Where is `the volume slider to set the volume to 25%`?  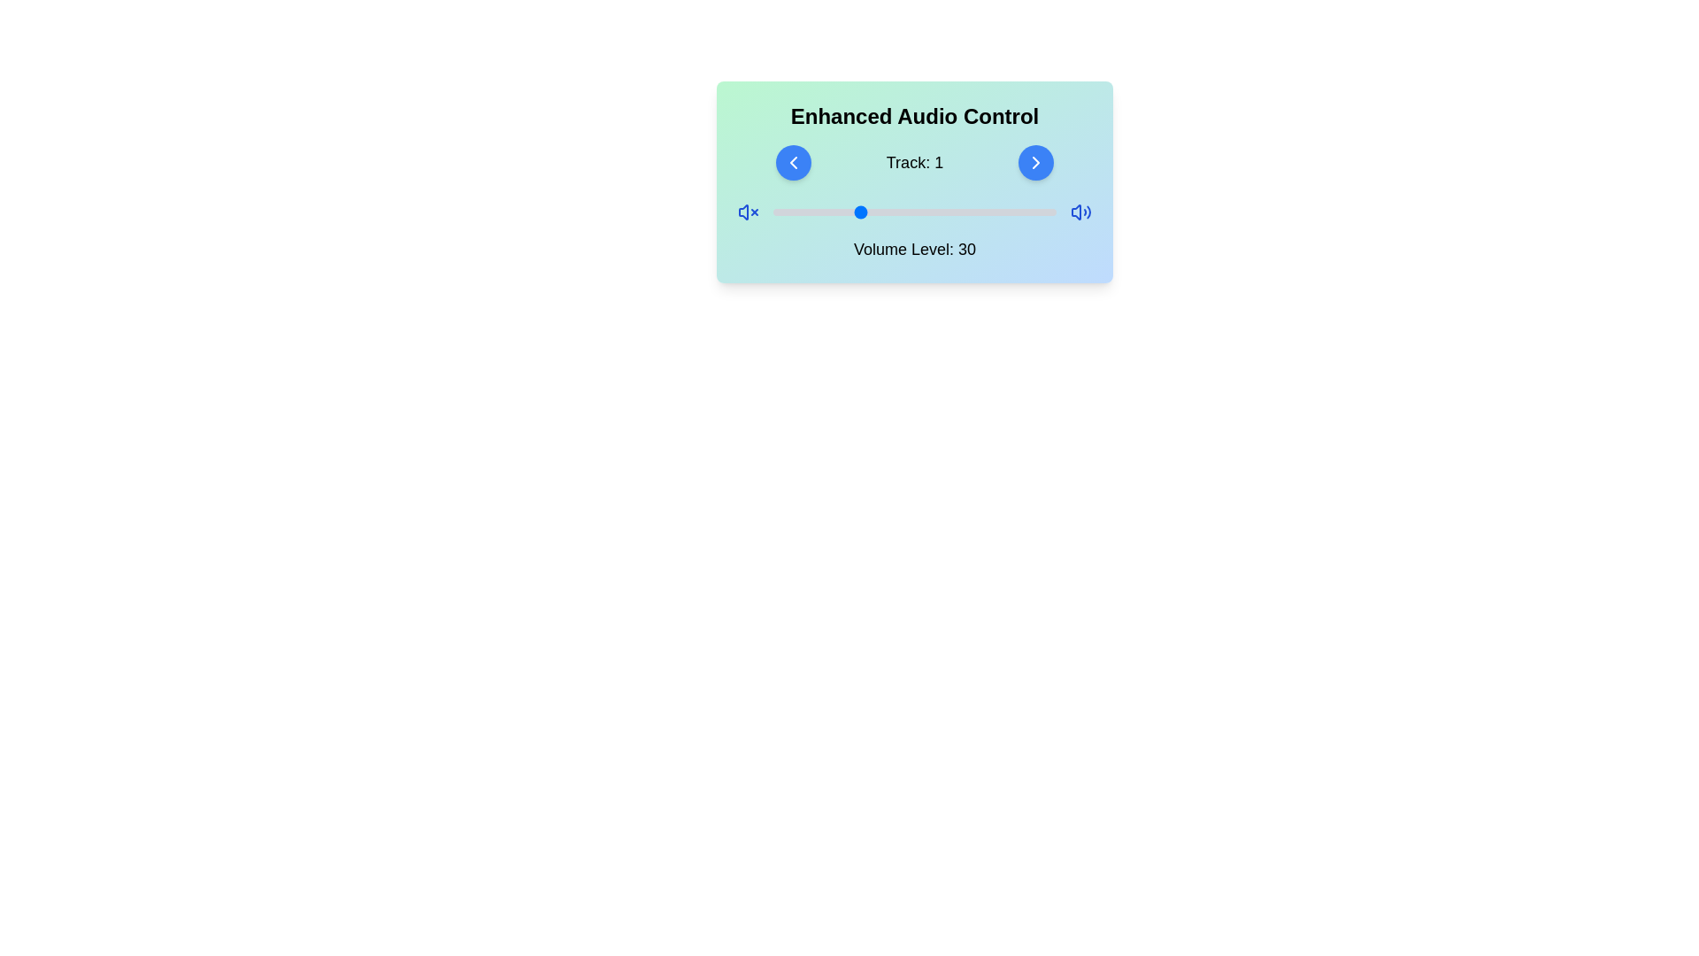 the volume slider to set the volume to 25% is located at coordinates (843, 211).